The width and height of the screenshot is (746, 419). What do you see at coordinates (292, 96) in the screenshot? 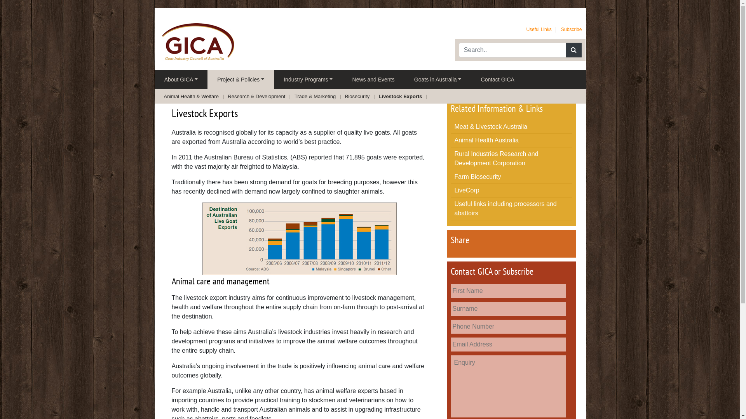
I see `'Trade & Marketing'` at bounding box center [292, 96].